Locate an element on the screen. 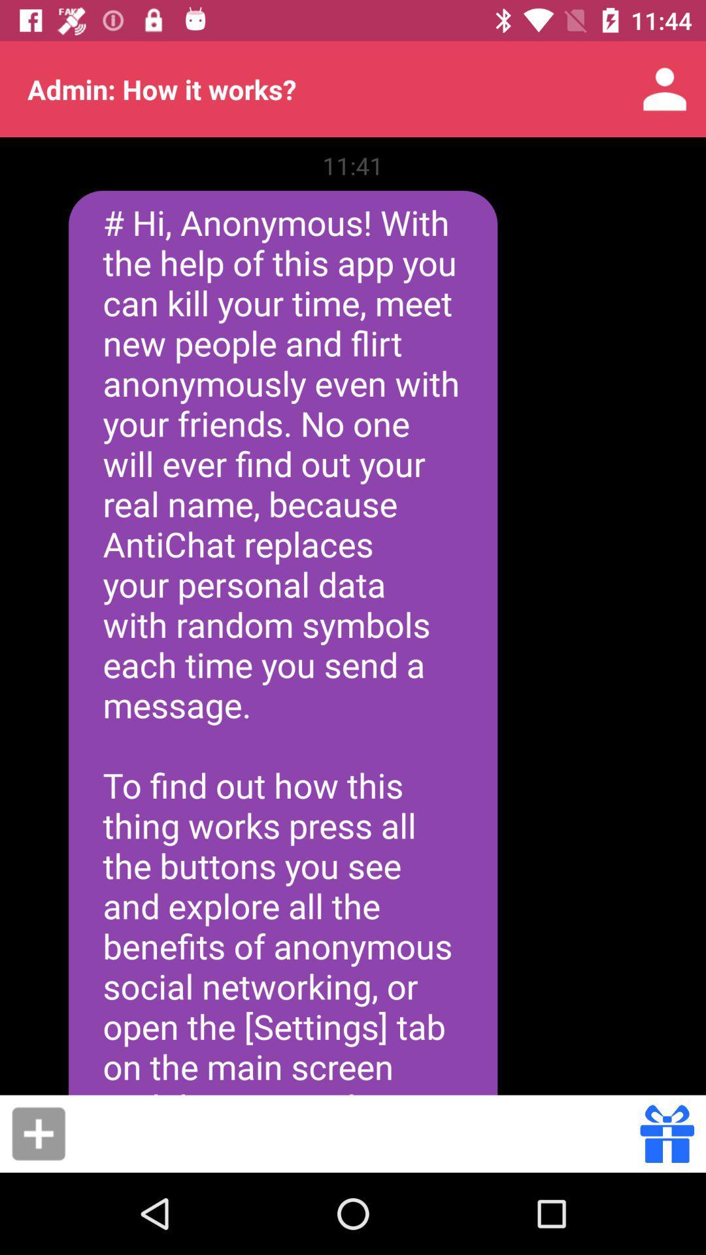 This screenshot has width=706, height=1255. hi anonymous with icon is located at coordinates (282, 643).